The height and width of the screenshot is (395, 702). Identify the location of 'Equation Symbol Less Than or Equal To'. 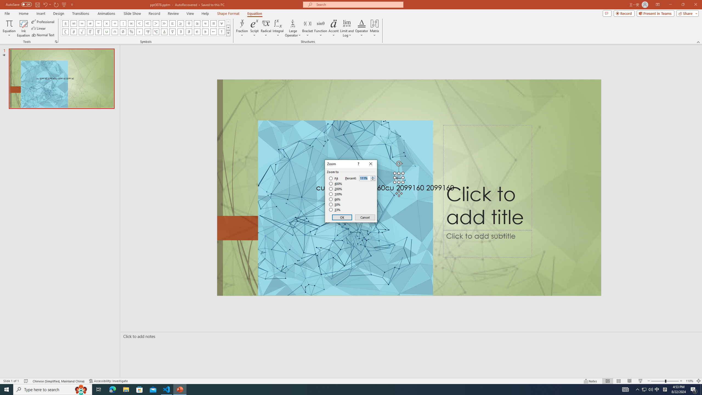
(172, 23).